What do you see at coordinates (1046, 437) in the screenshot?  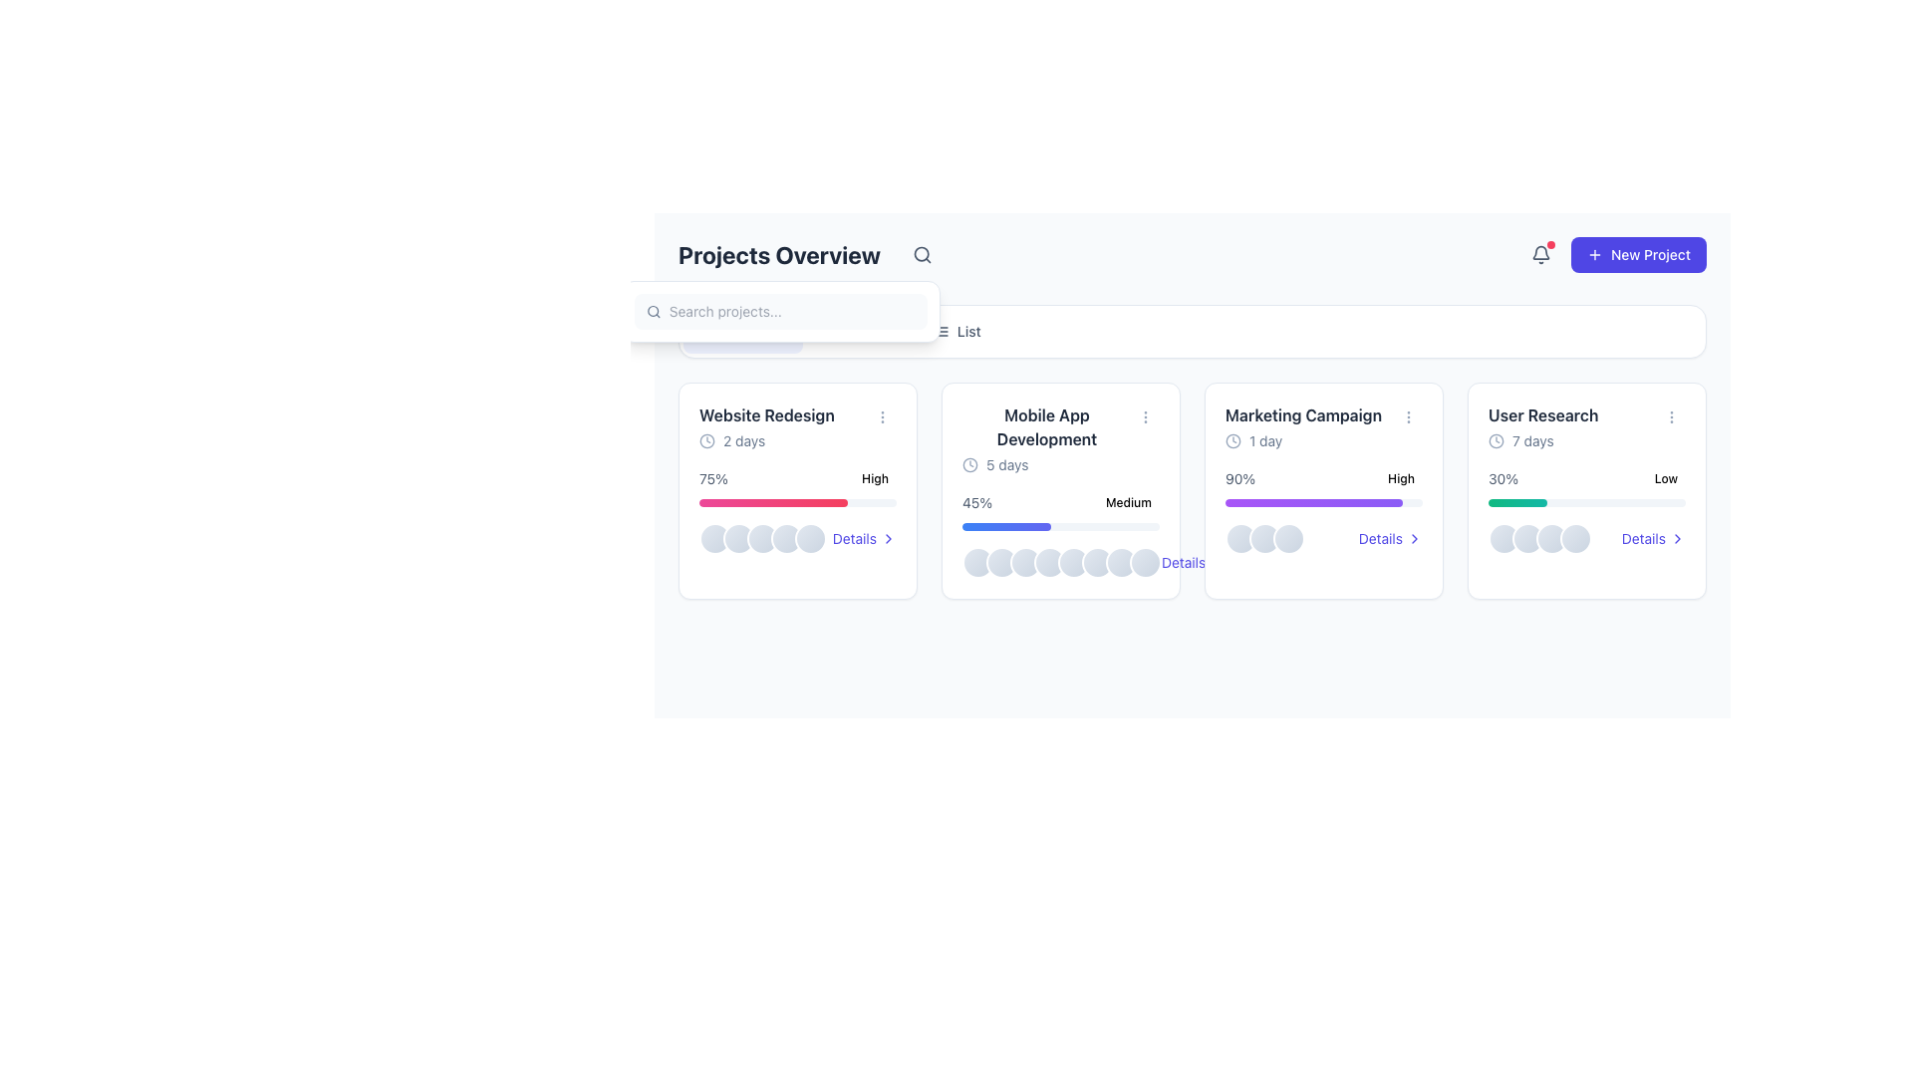 I see `the 'Mobile App Development' project card summary, which is the second card in a horizontal list of project cards, located directly to the right of the 'Website Redesign' card and to the left of the 'Marketing Campaign' card` at bounding box center [1046, 437].